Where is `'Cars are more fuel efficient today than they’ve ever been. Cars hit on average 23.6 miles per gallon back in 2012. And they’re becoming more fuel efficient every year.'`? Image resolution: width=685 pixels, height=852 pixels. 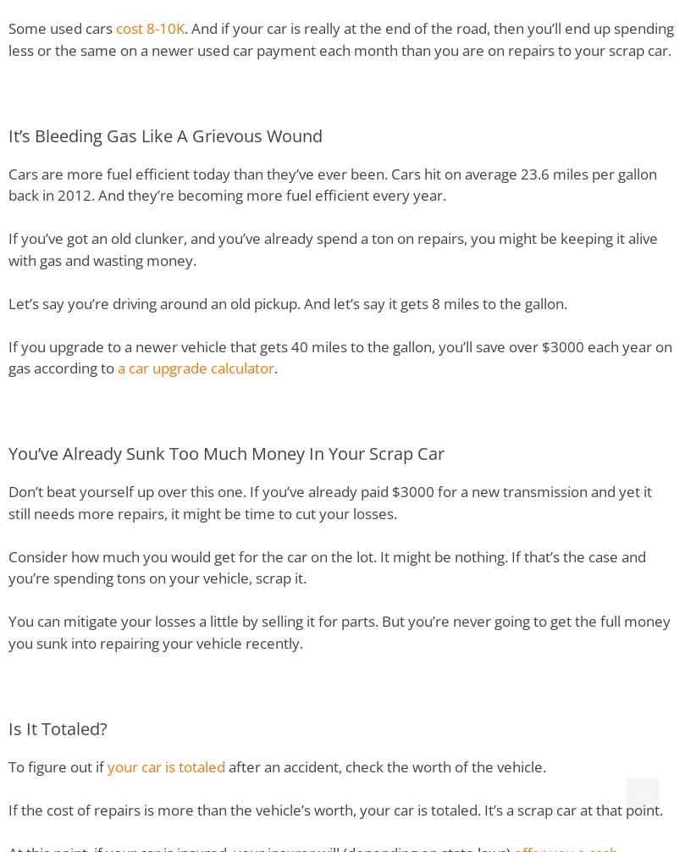
'Cars are more fuel efficient today than they’ve ever been. Cars hit on average 23.6 miles per gallon back in 2012. And they’re becoming more fuel efficient every year.' is located at coordinates (333, 184).